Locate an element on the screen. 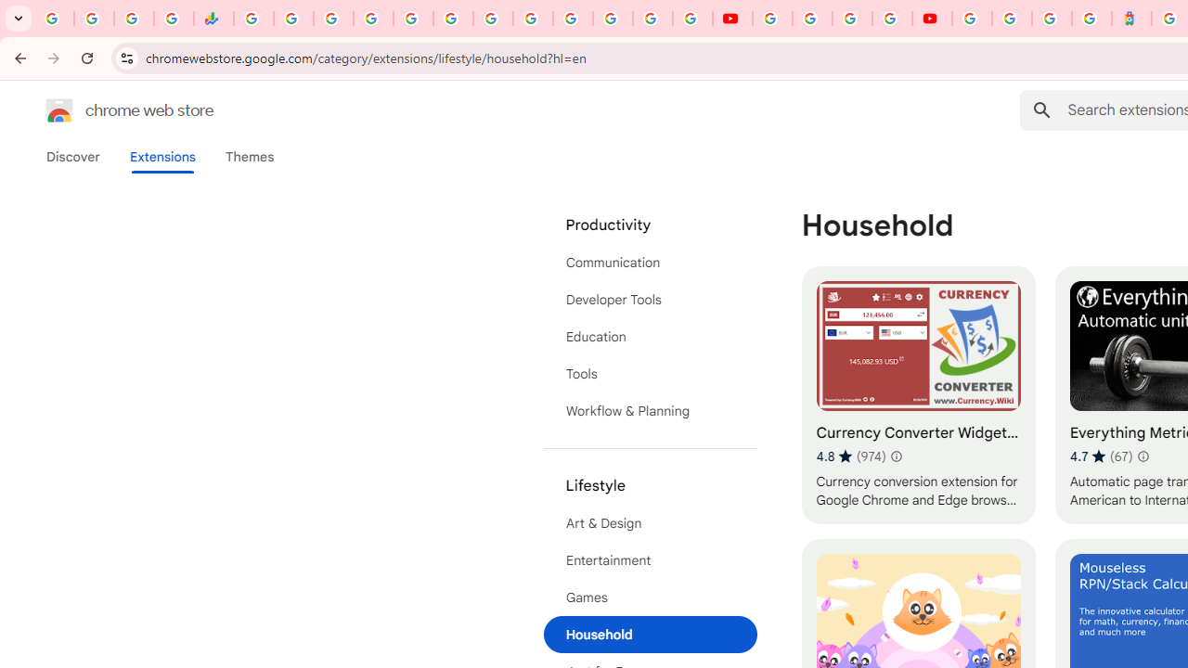  'Google Account Help' is located at coordinates (812, 19).